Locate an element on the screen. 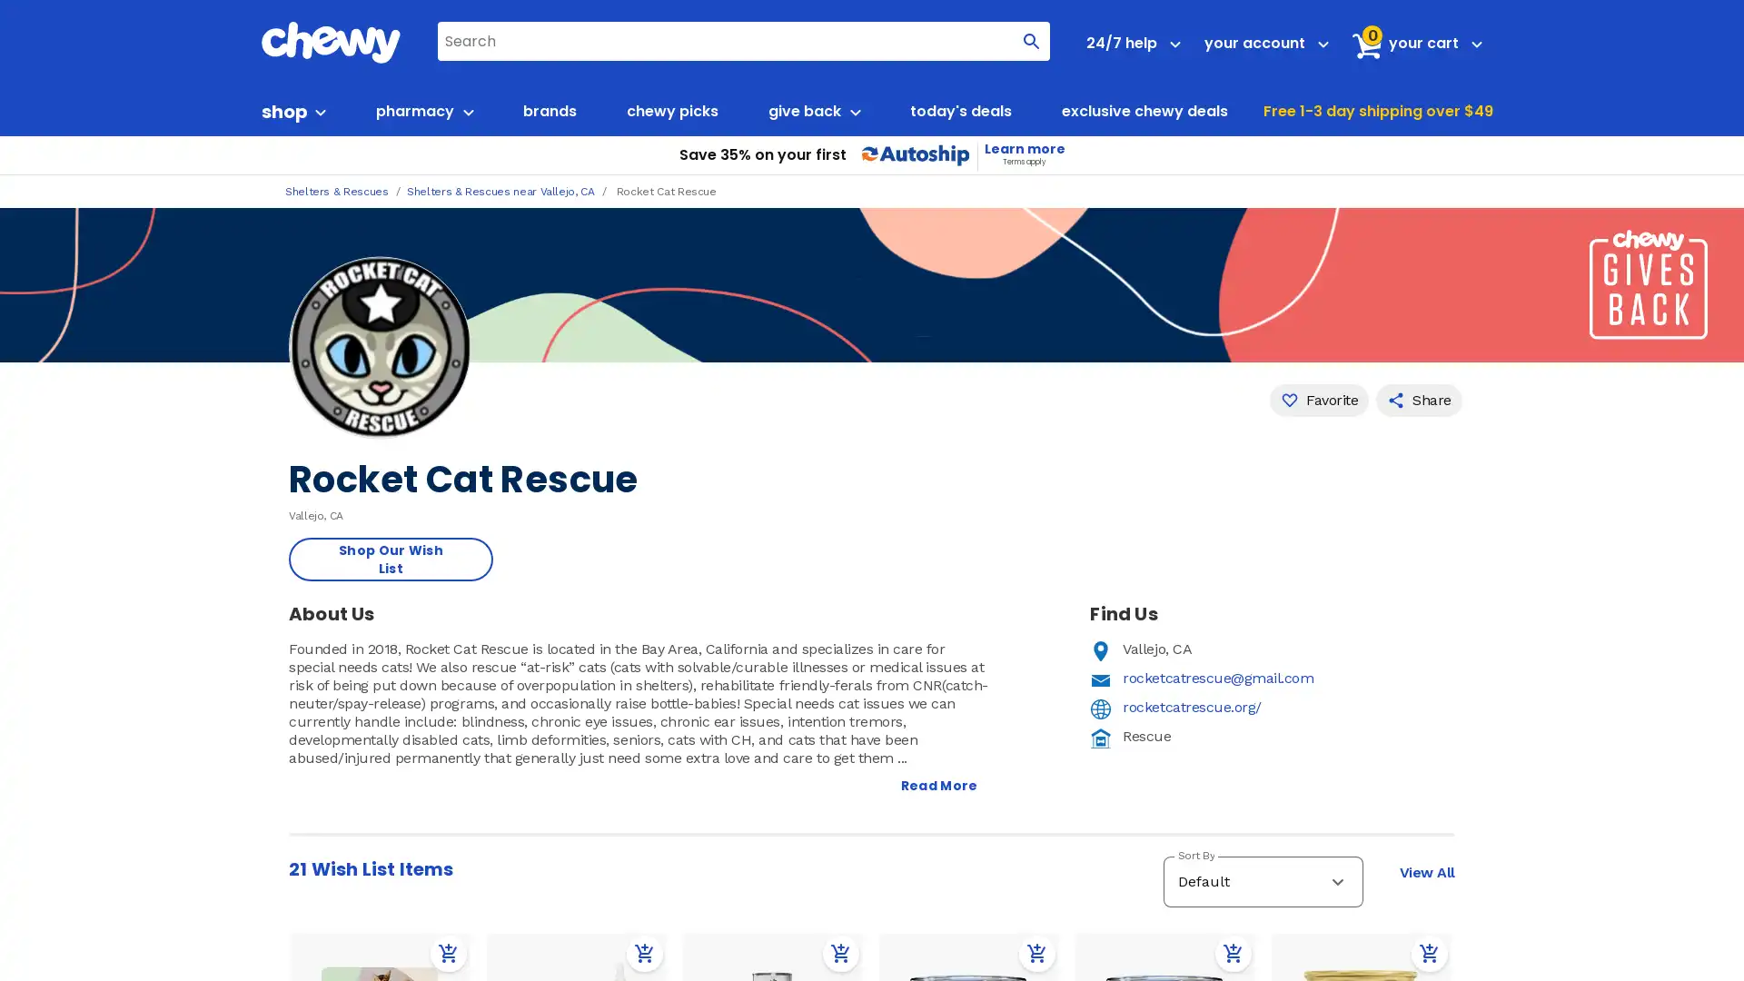 Image resolution: width=1744 pixels, height=981 pixels. Favorite is located at coordinates (1319, 399).